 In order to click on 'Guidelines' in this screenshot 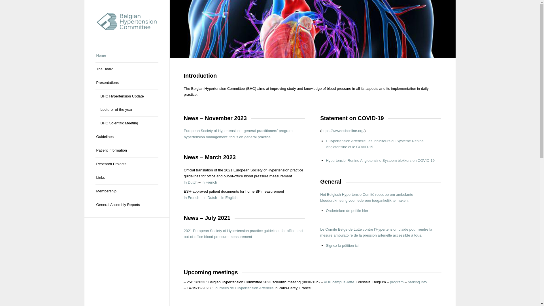, I will do `click(126, 137)`.